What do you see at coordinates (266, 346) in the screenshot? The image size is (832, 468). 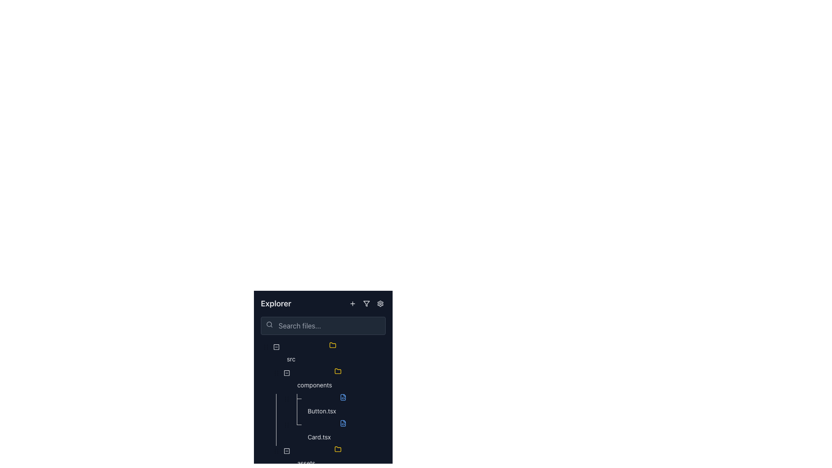 I see `the draggable handle next to the 'src' folder in the file tree` at bounding box center [266, 346].